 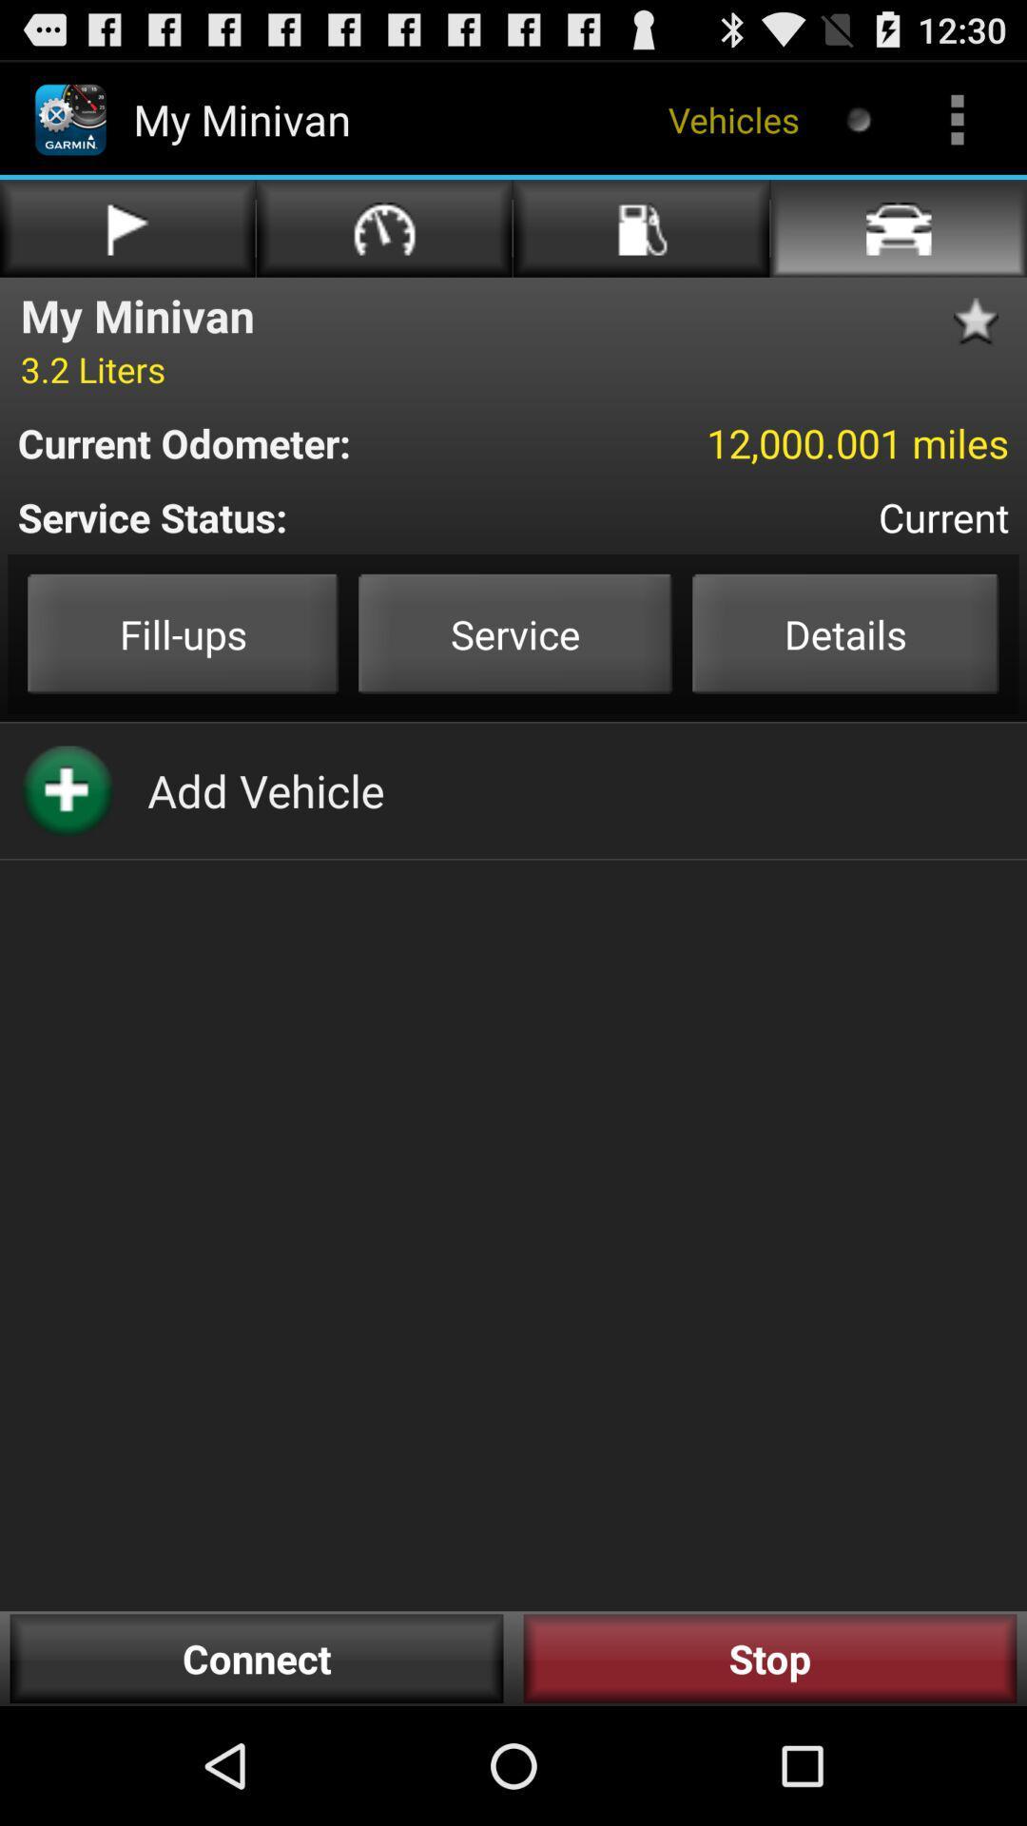 What do you see at coordinates (300, 516) in the screenshot?
I see `item next to the current app` at bounding box center [300, 516].